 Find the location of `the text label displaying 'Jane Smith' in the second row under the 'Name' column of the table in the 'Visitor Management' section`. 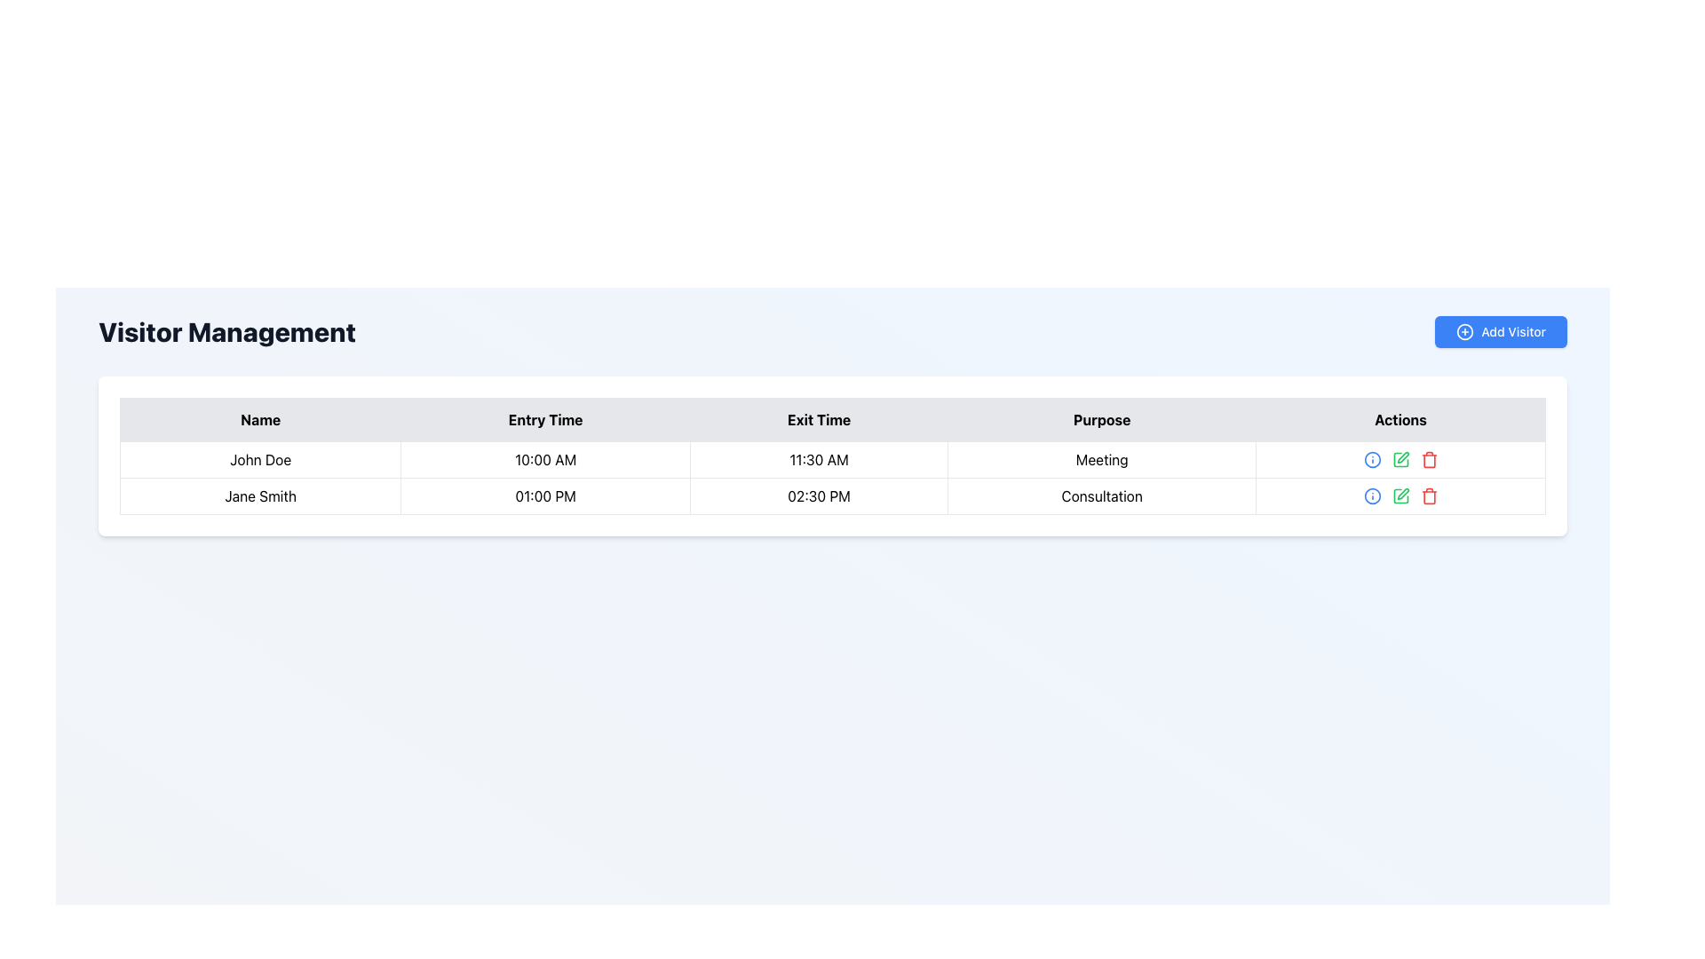

the text label displaying 'Jane Smith' in the second row under the 'Name' column of the table in the 'Visitor Management' section is located at coordinates (259, 496).